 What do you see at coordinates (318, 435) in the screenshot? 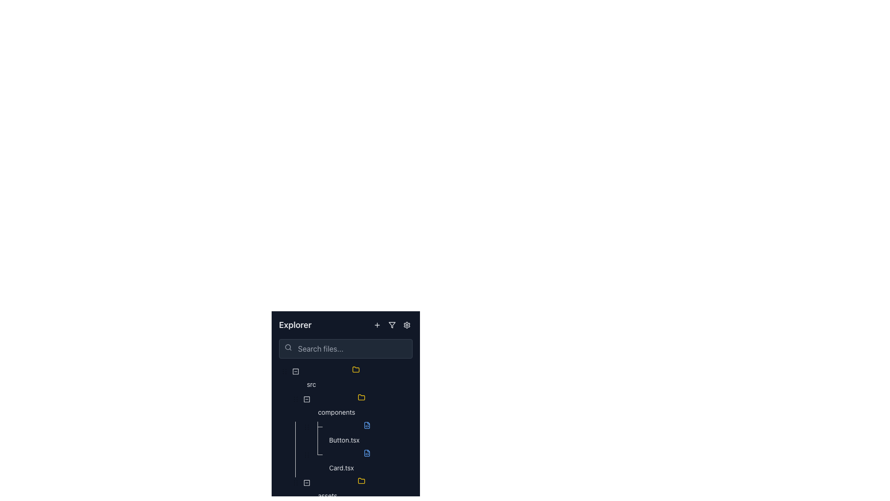
I see `the non-interactive visual indicator (tree branch) located next to 'Button.tsx' in the tree structure` at bounding box center [318, 435].